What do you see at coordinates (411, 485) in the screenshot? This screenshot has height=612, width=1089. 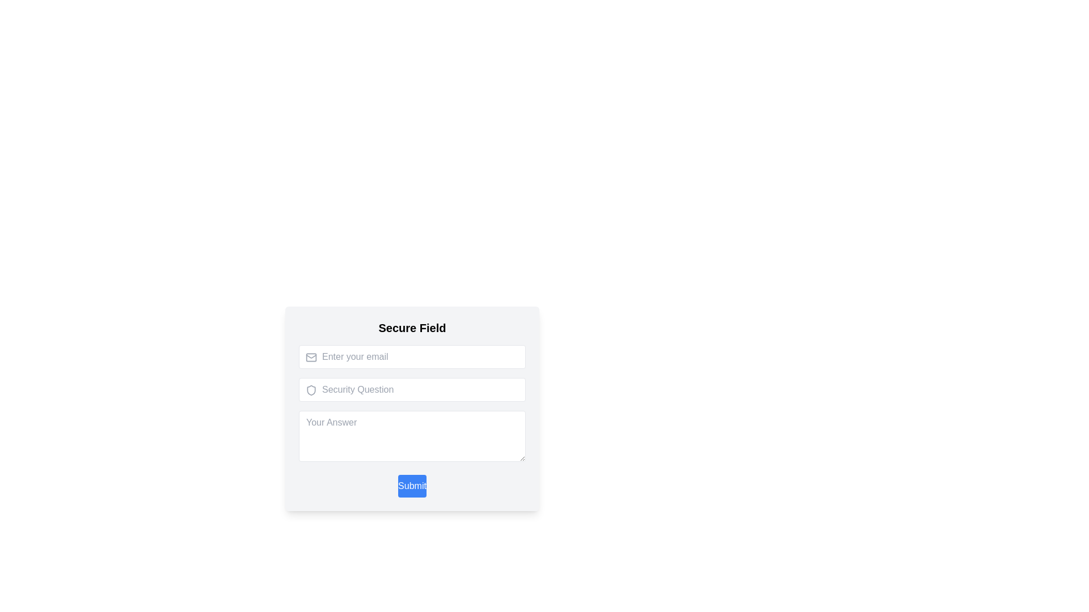 I see `the blue 'Submit' button with rounded corners` at bounding box center [411, 485].